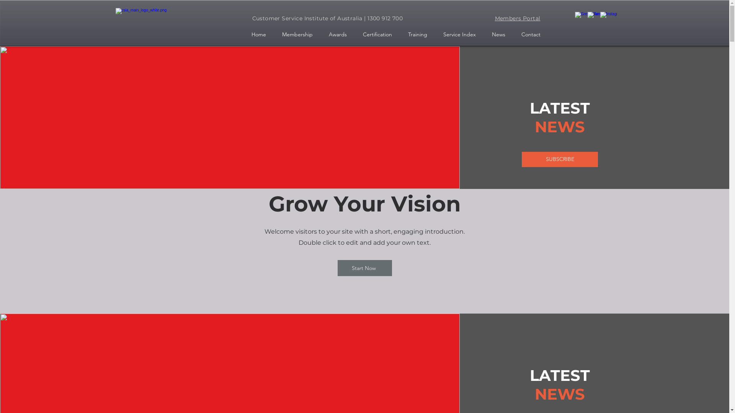 The image size is (735, 413). What do you see at coordinates (517, 18) in the screenshot?
I see `'Members Portal'` at bounding box center [517, 18].